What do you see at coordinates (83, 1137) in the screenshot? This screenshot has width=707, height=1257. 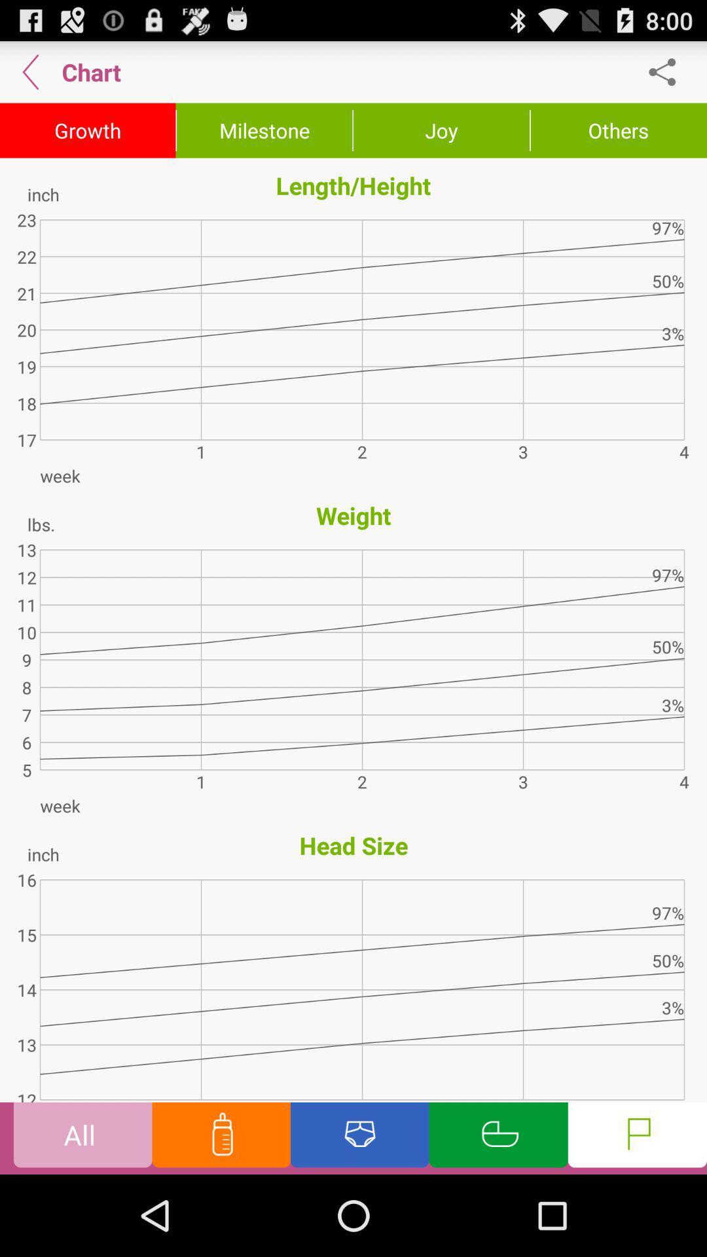 I see `the option all at the bottom corner of the page` at bounding box center [83, 1137].